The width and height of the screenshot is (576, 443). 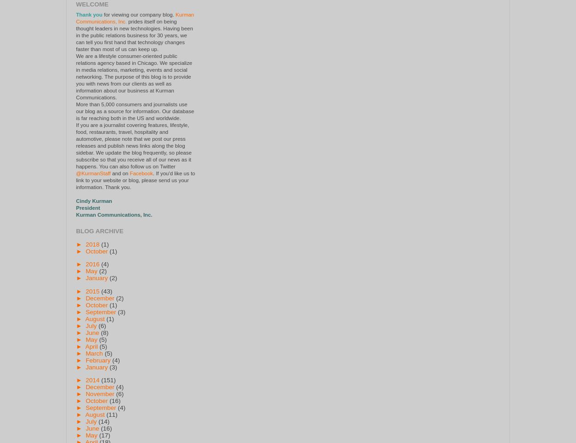 I want to click on 'If you are a journalist covering features, lifestyle, food, restaurants, travel, hospitality and automotive, please note that we post our press releases and publish news links along the blog sidebar. We update the blog frequently, so please subscribe so that you receive all of our news as it happens. You can also follow us on Twitter', so click(x=134, y=145).